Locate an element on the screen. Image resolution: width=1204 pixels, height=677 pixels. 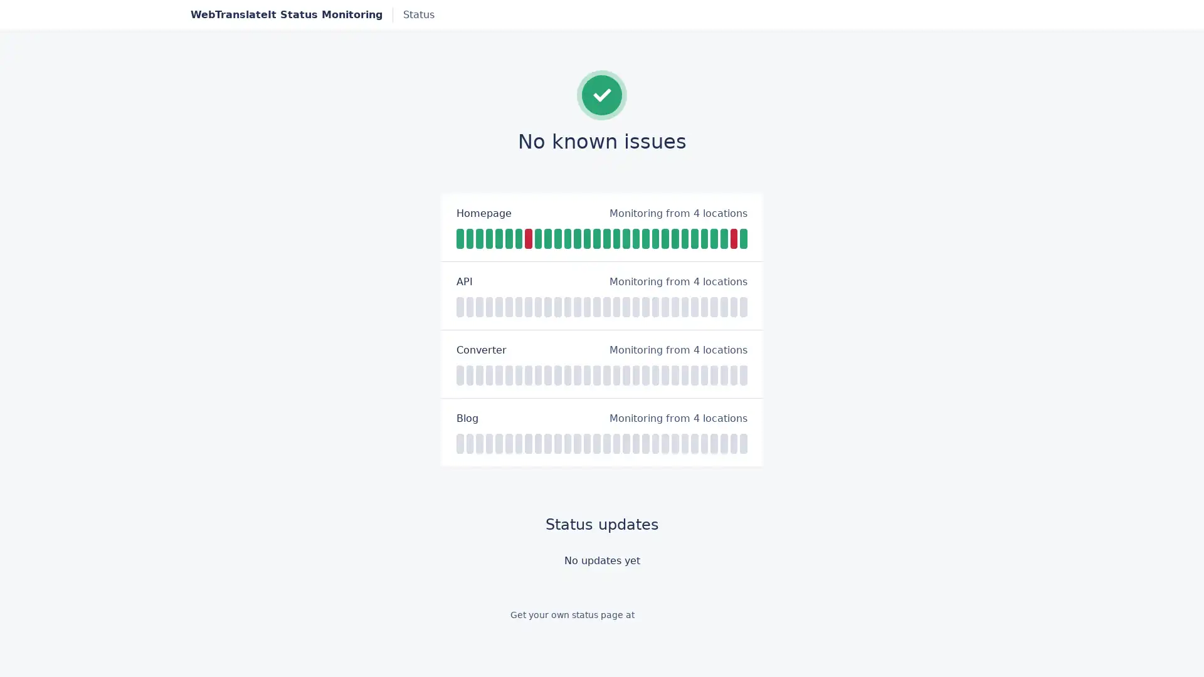
Converter is located at coordinates (481, 350).